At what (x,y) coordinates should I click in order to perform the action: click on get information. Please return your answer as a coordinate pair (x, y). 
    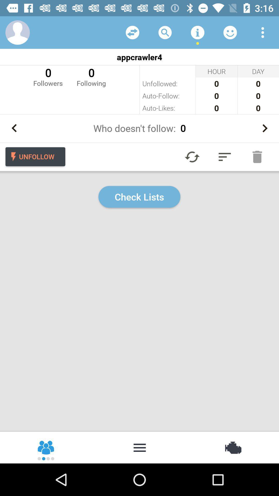
    Looking at the image, I should click on (197, 32).